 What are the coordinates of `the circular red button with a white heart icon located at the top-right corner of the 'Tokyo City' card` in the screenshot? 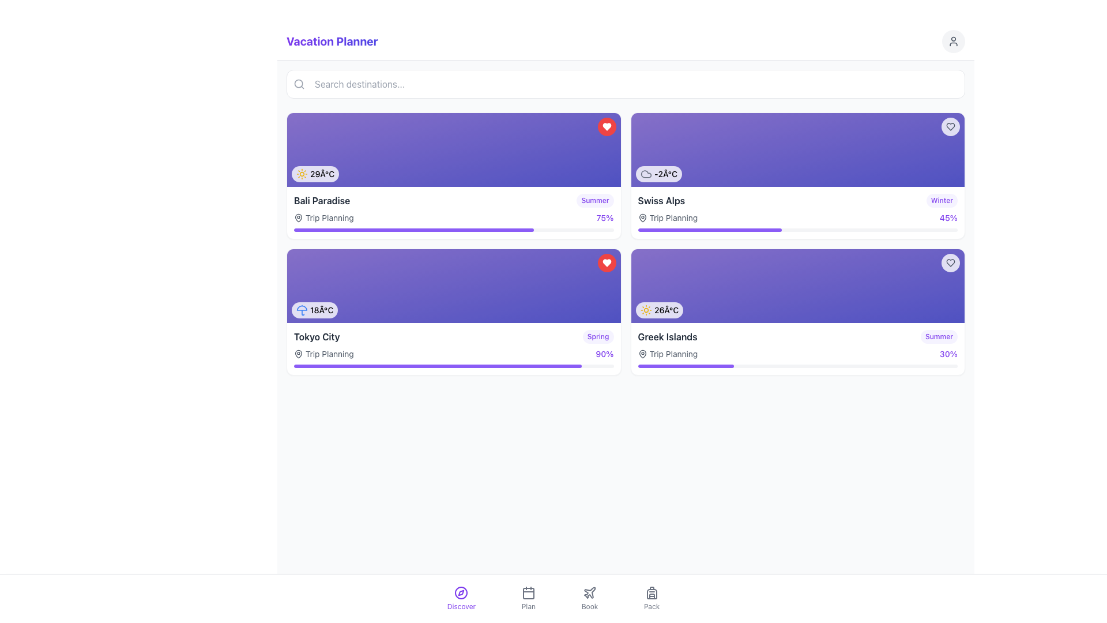 It's located at (606, 262).